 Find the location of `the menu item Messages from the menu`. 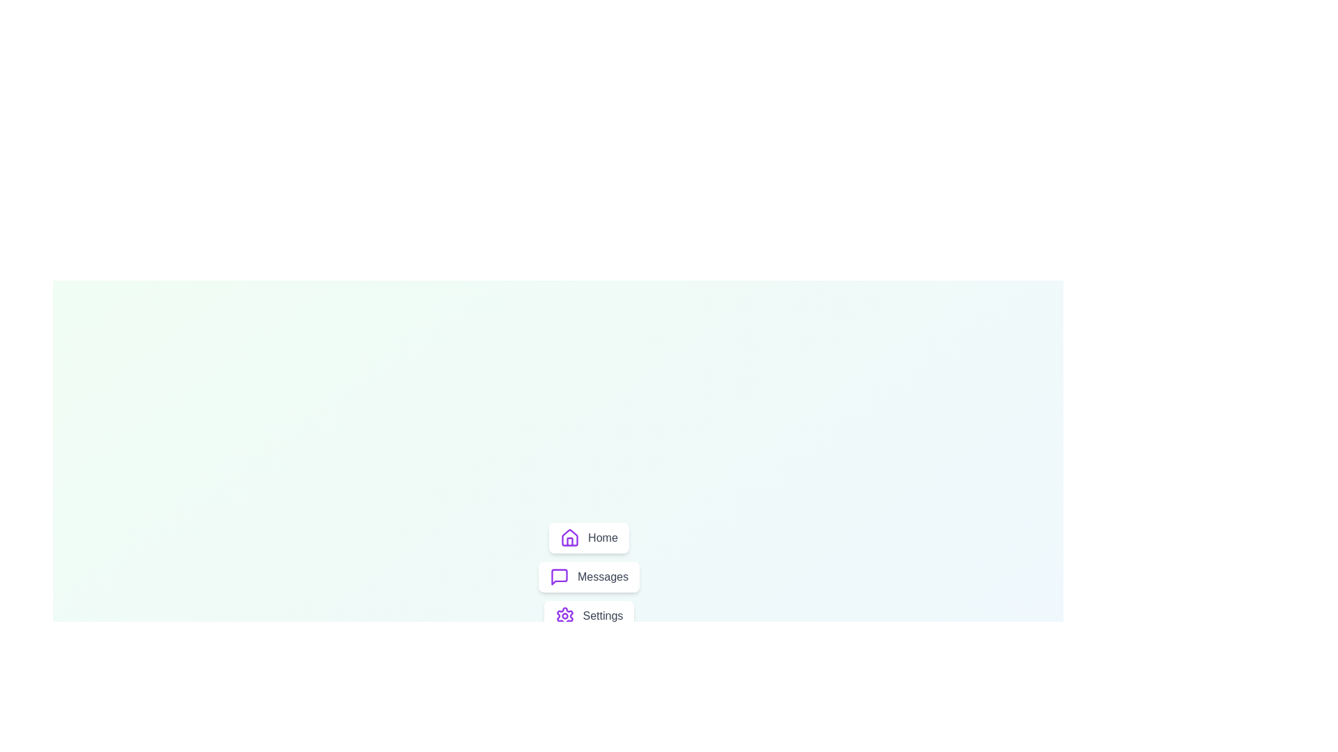

the menu item Messages from the menu is located at coordinates (588, 577).